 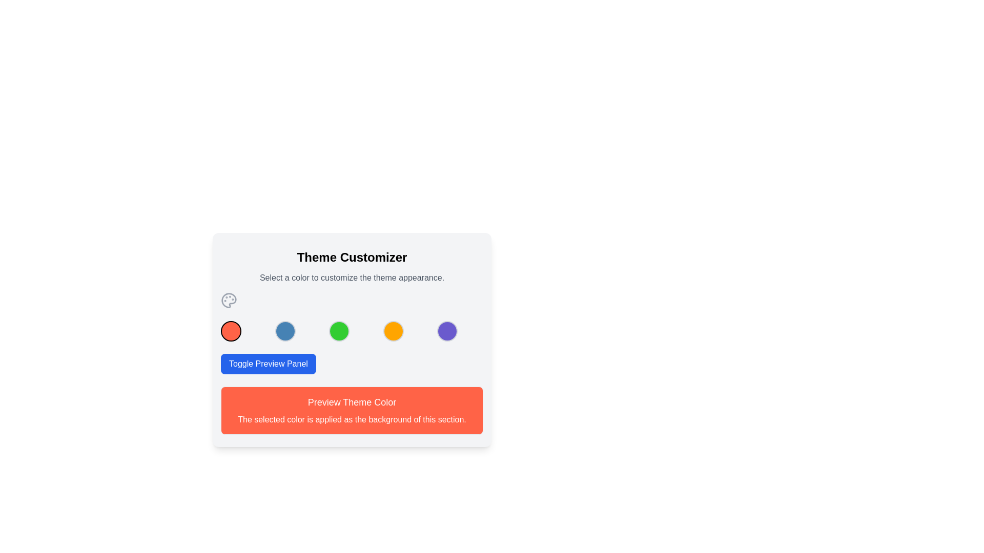 I want to click on the first selectable color option button located in the grid layout under the 'Theme Customizer' section, so click(x=231, y=331).